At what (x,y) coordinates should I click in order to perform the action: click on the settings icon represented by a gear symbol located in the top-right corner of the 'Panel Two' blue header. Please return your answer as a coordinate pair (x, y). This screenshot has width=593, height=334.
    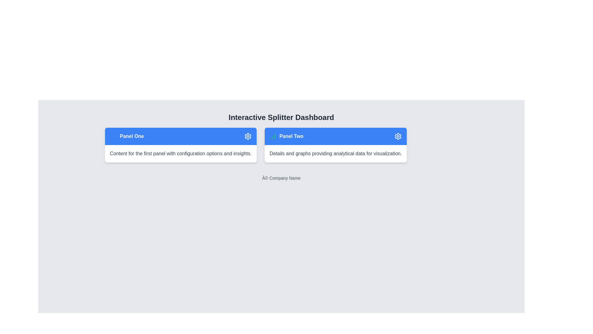
    Looking at the image, I should click on (398, 136).